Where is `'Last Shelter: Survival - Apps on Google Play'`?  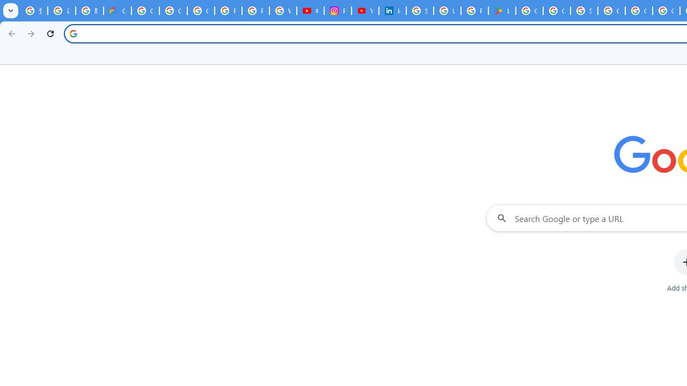
'Last Shelter: Survival - Apps on Google Play' is located at coordinates (501, 11).